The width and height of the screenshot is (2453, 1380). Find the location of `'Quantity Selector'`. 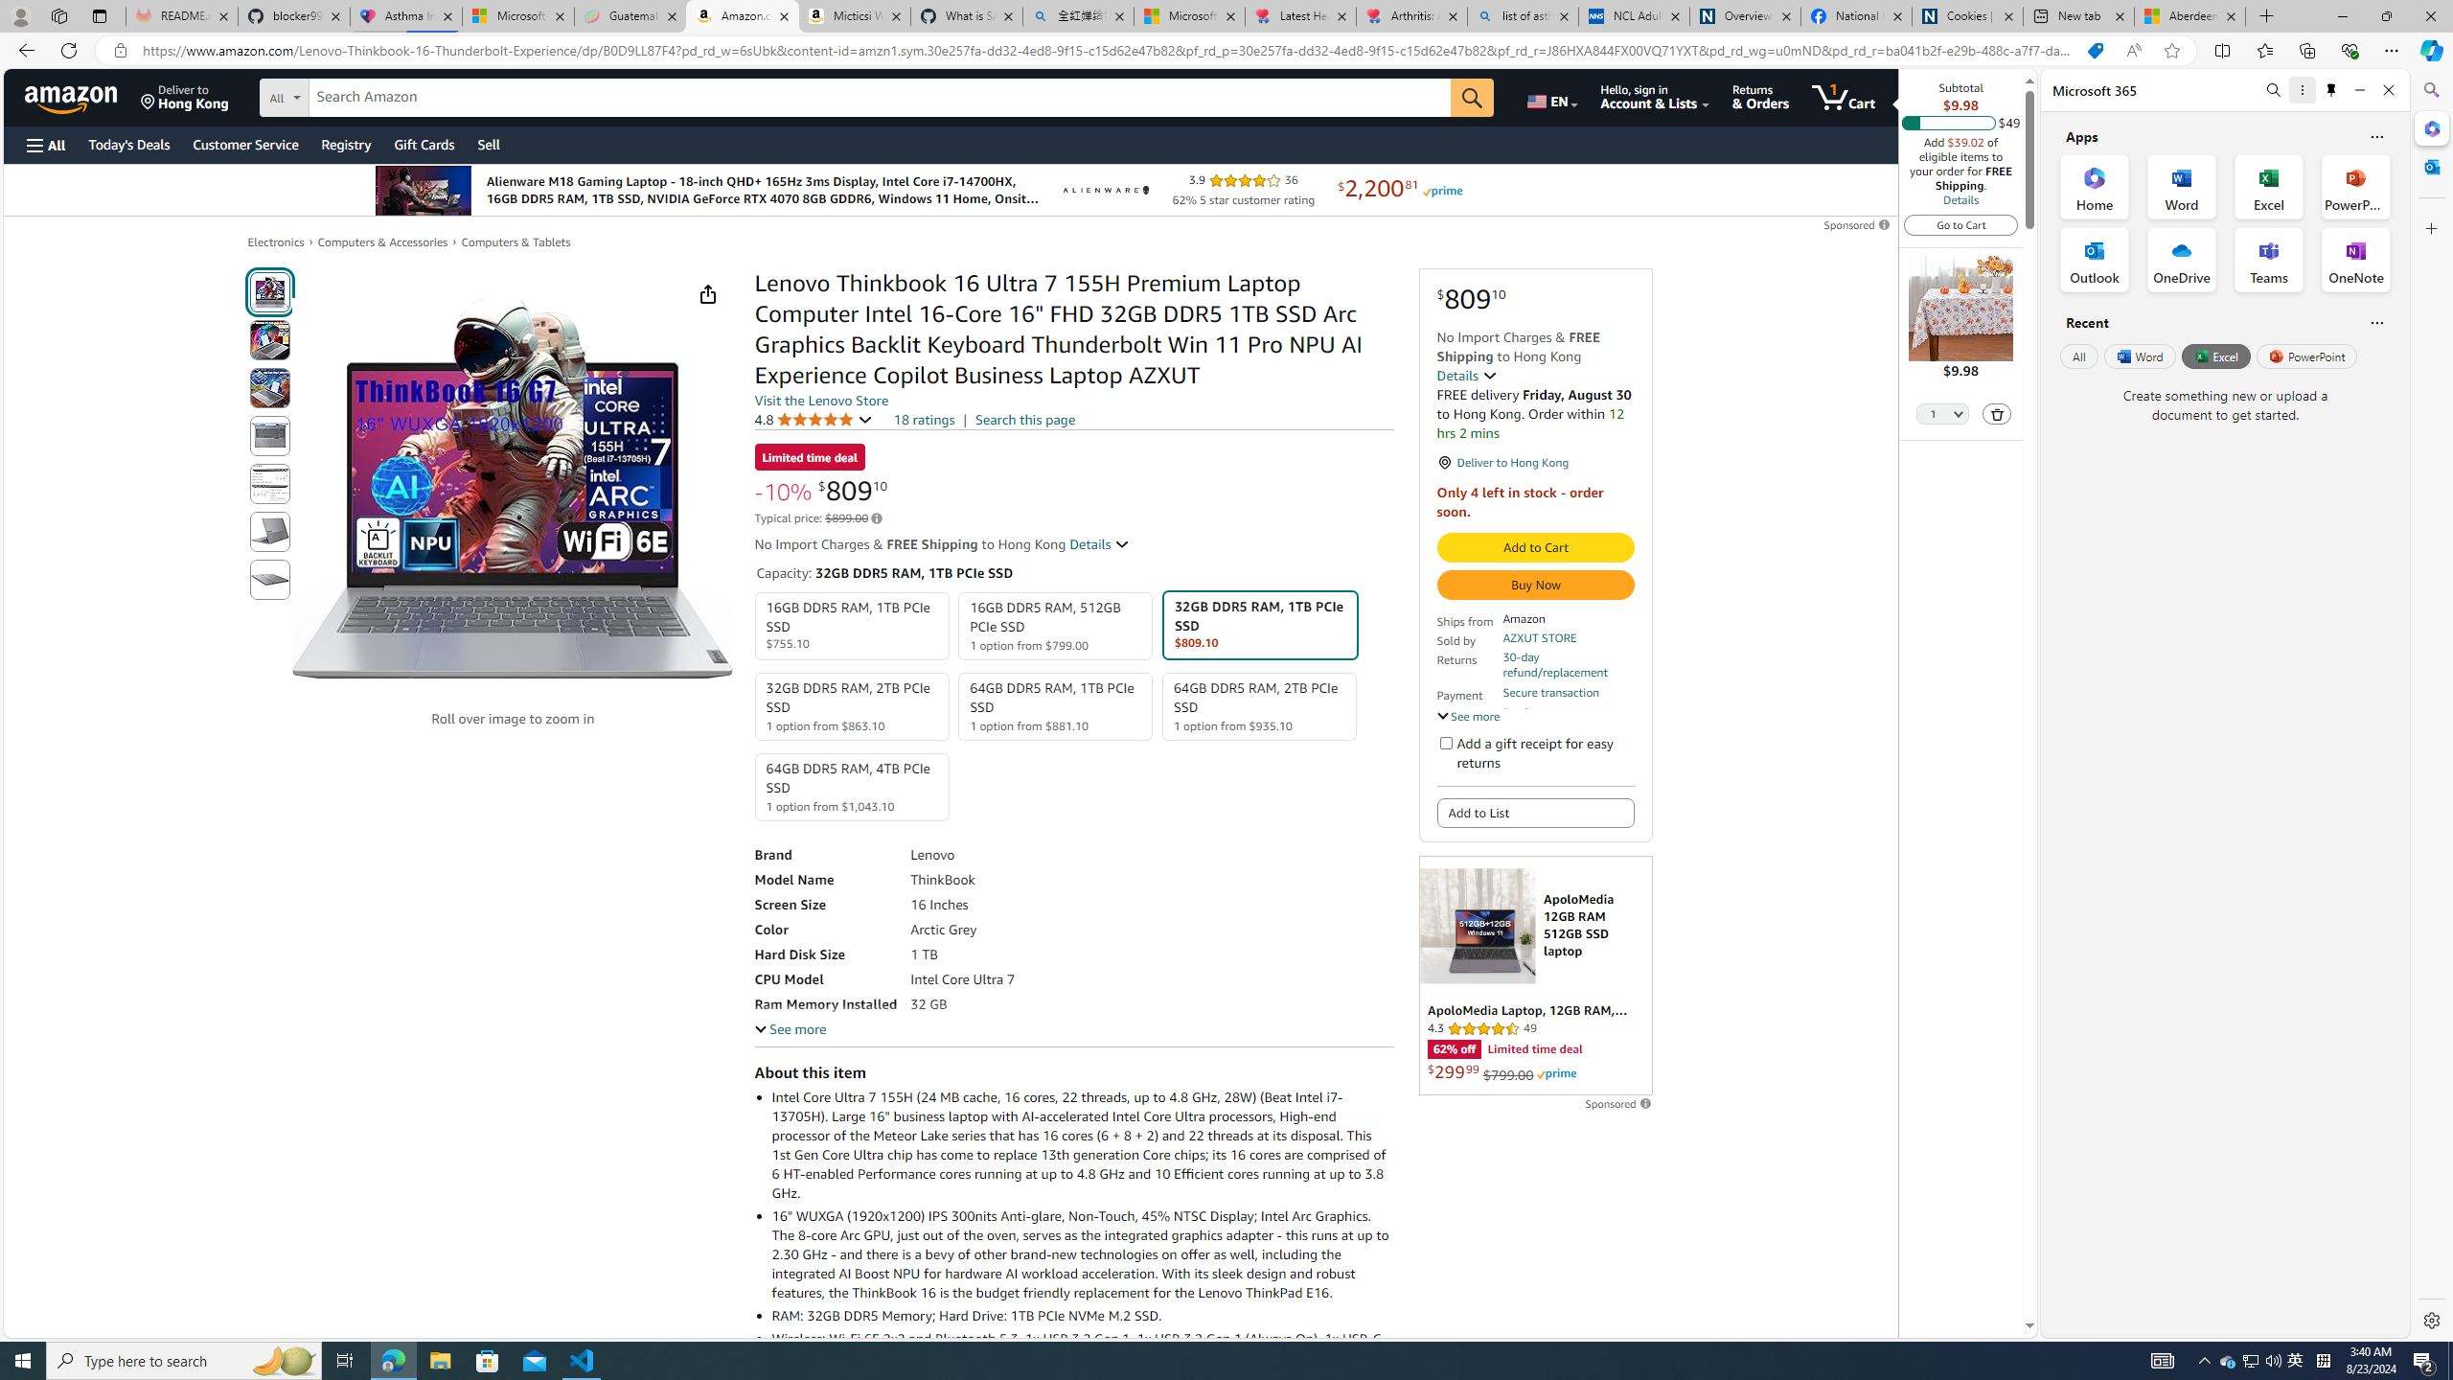

'Quantity Selector' is located at coordinates (1941, 415).